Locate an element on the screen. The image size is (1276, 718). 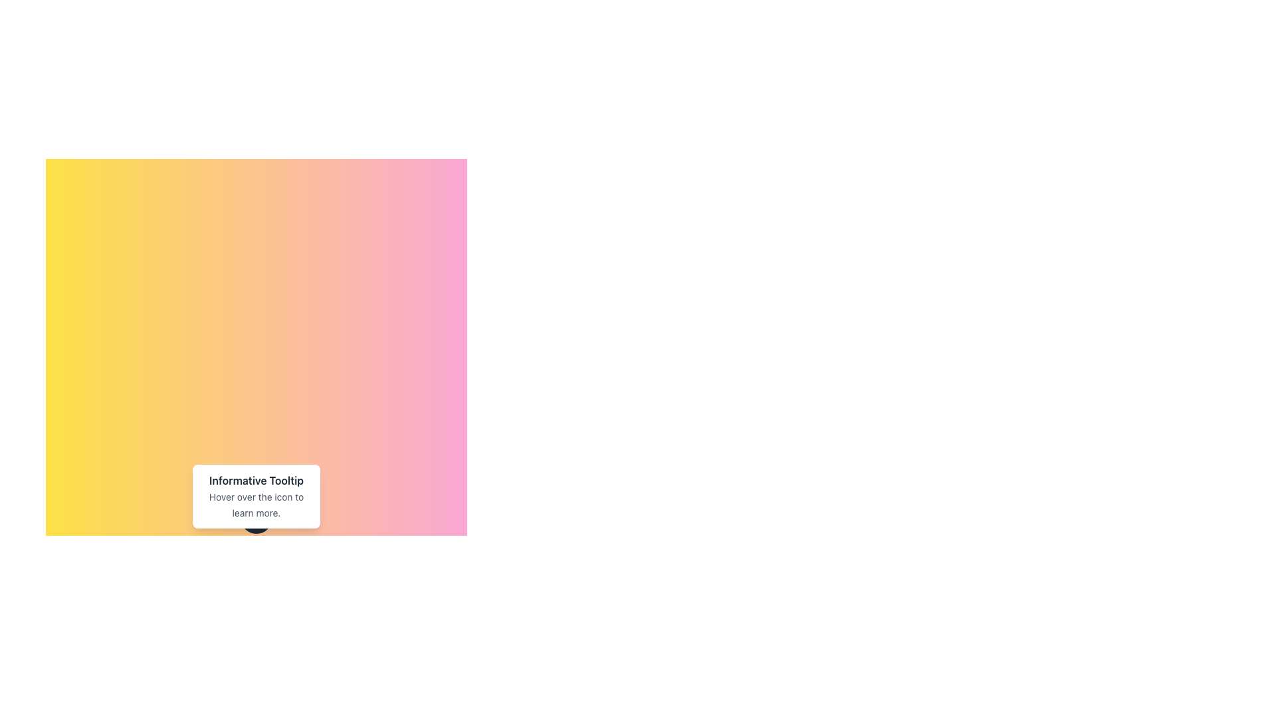
the tooltip that provides additional information about the interactive icon, which is visually located above the icon and centered horizontally with it is located at coordinates (256, 497).